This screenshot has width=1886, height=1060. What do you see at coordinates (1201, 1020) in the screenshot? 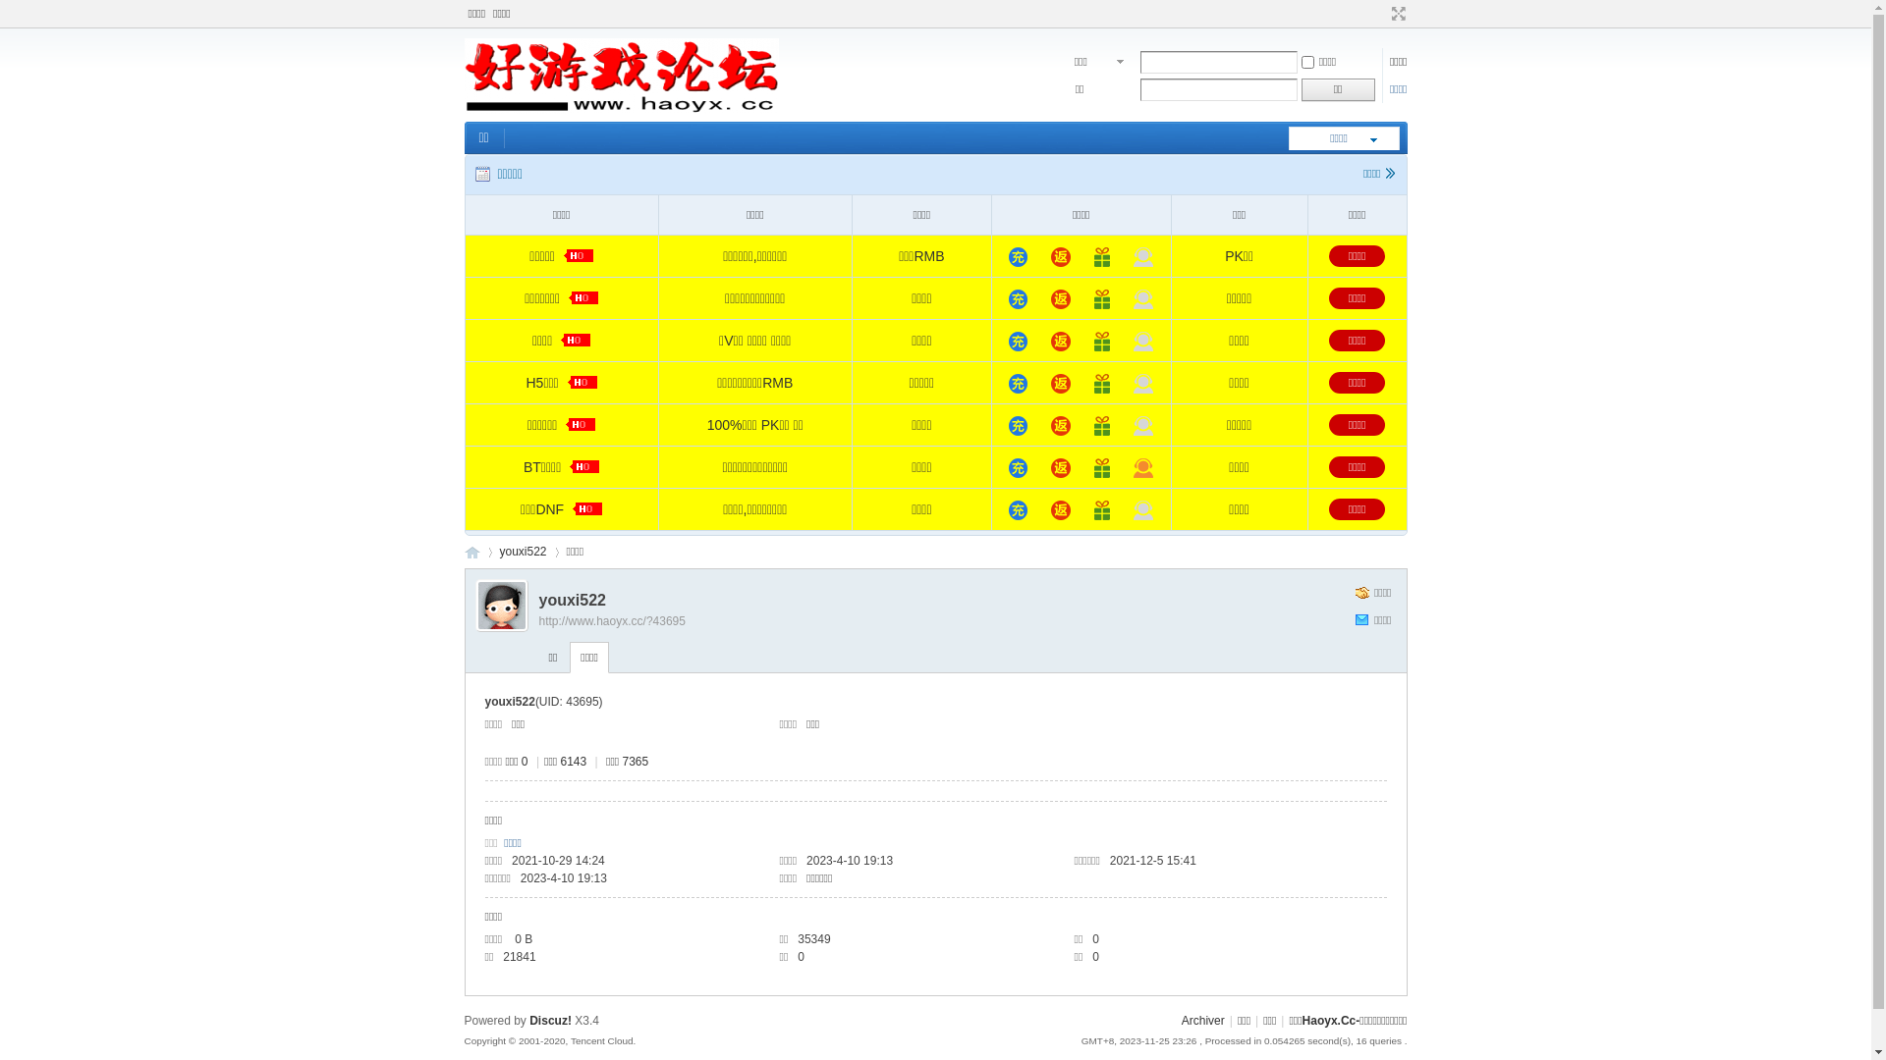
I see `'Archiver'` at bounding box center [1201, 1020].